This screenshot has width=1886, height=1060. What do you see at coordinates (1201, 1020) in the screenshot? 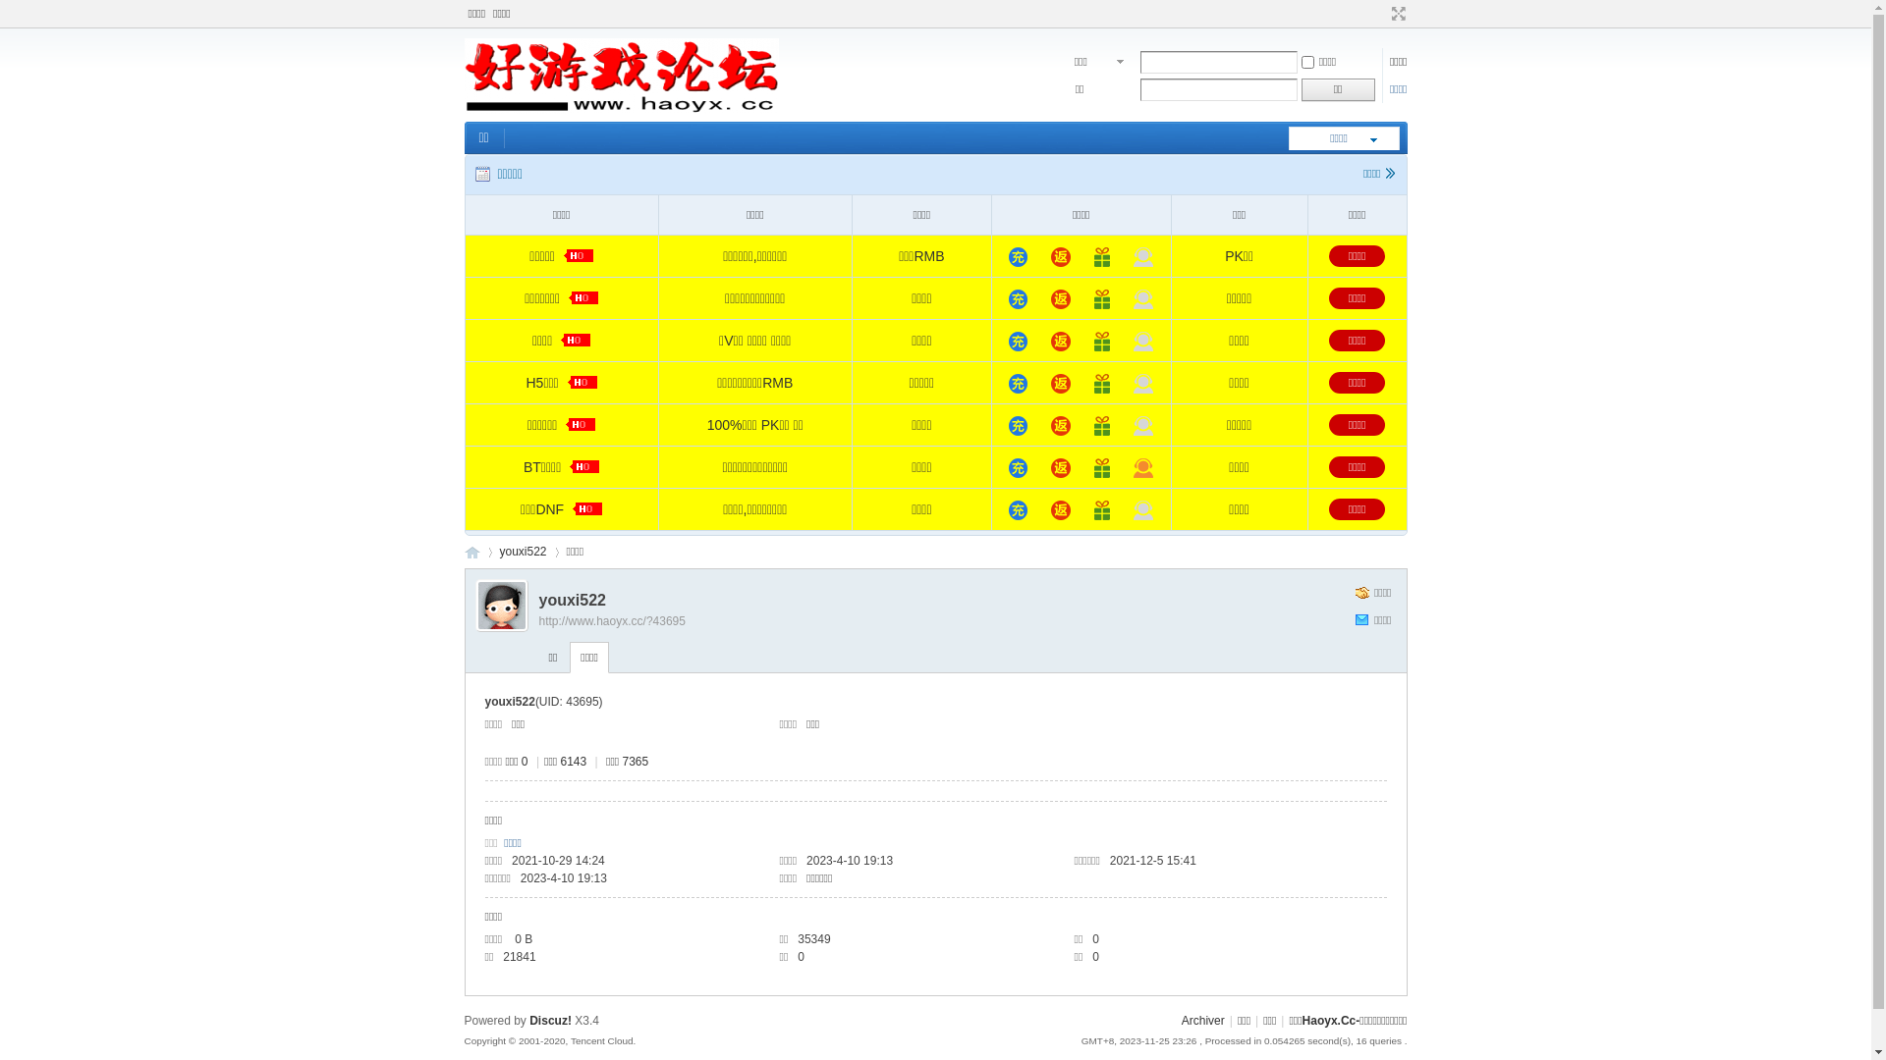
I see `'Archiver'` at bounding box center [1201, 1020].